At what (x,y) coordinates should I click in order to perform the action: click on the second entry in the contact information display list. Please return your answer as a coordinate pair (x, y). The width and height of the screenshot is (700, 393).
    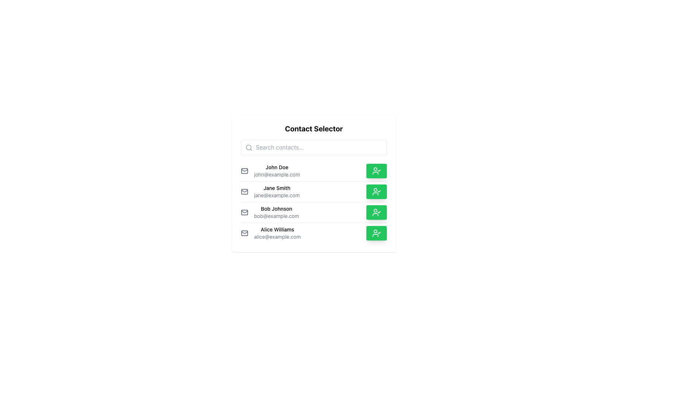
    Looking at the image, I should click on (270, 191).